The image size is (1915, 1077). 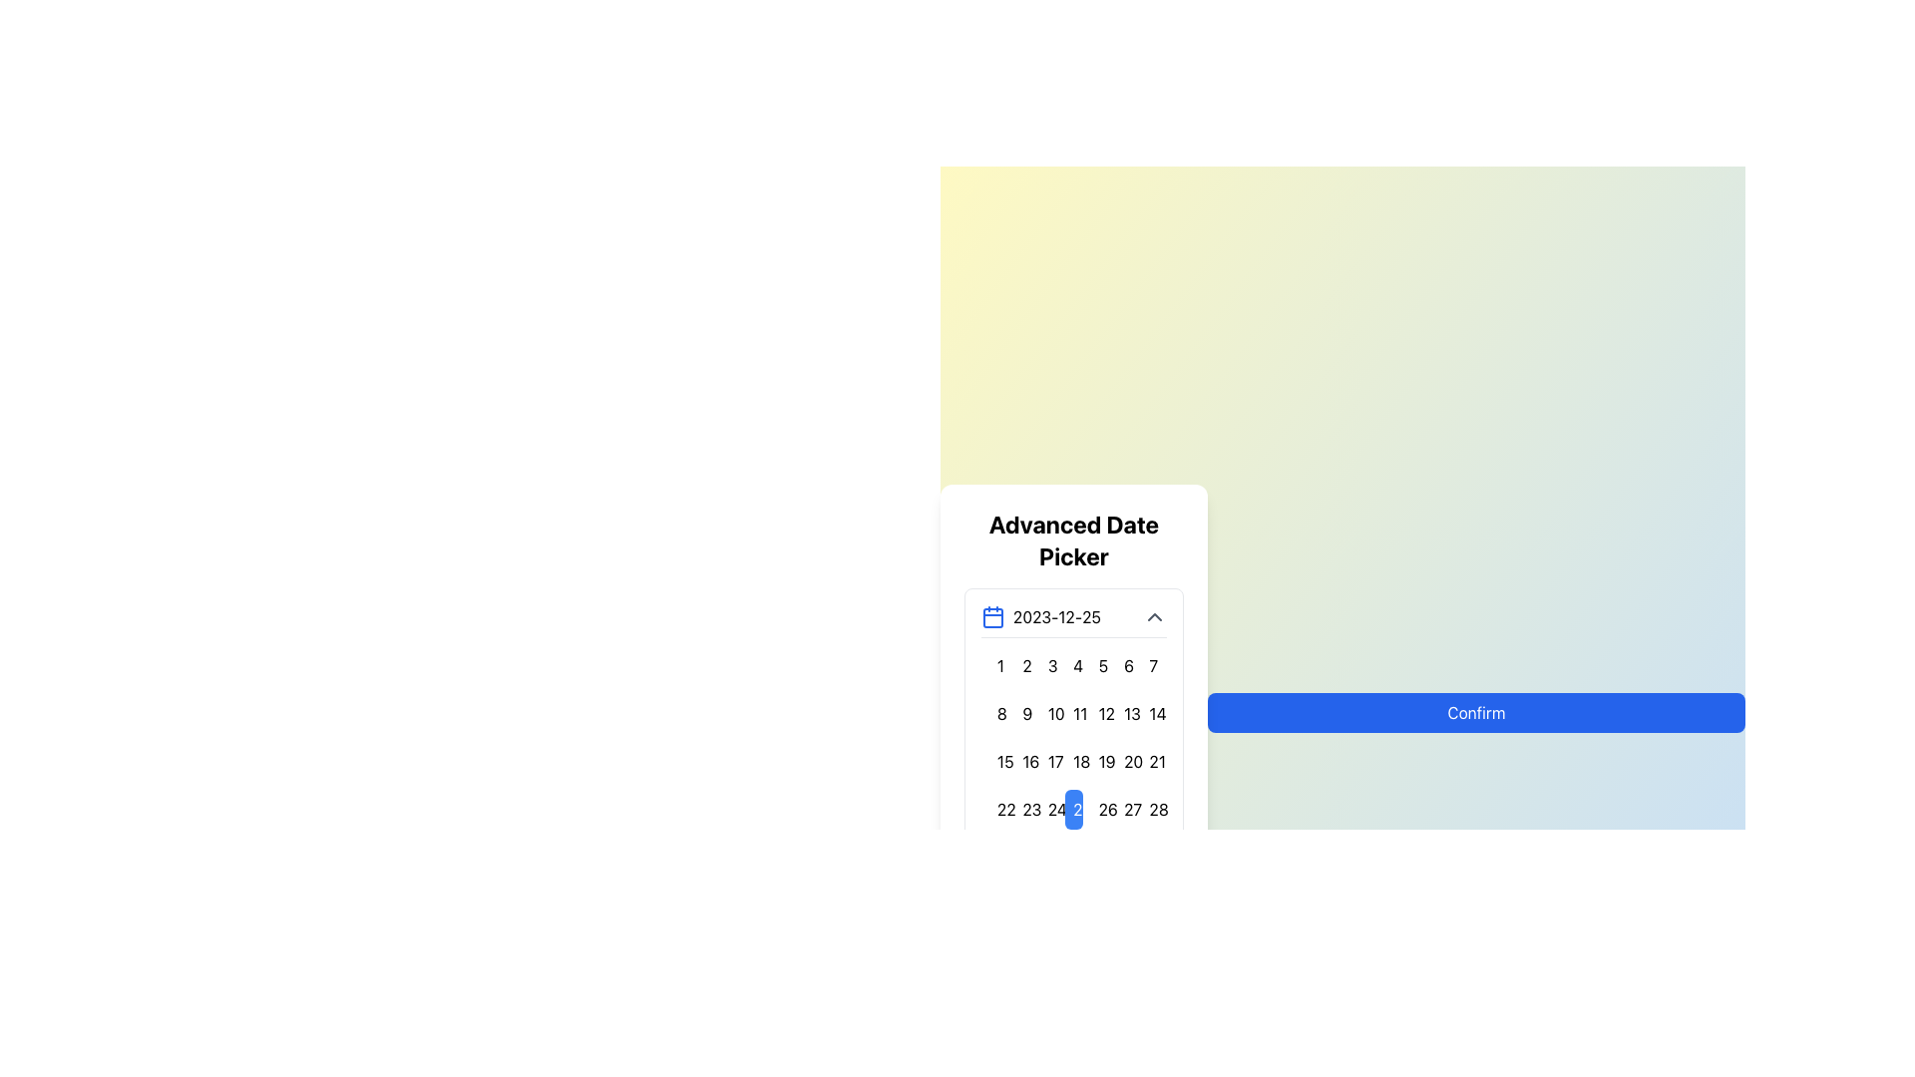 I want to click on the interactive button representing the selectable date 28th in the lower right quadrant of the calendar grid, so click(x=1150, y=809).